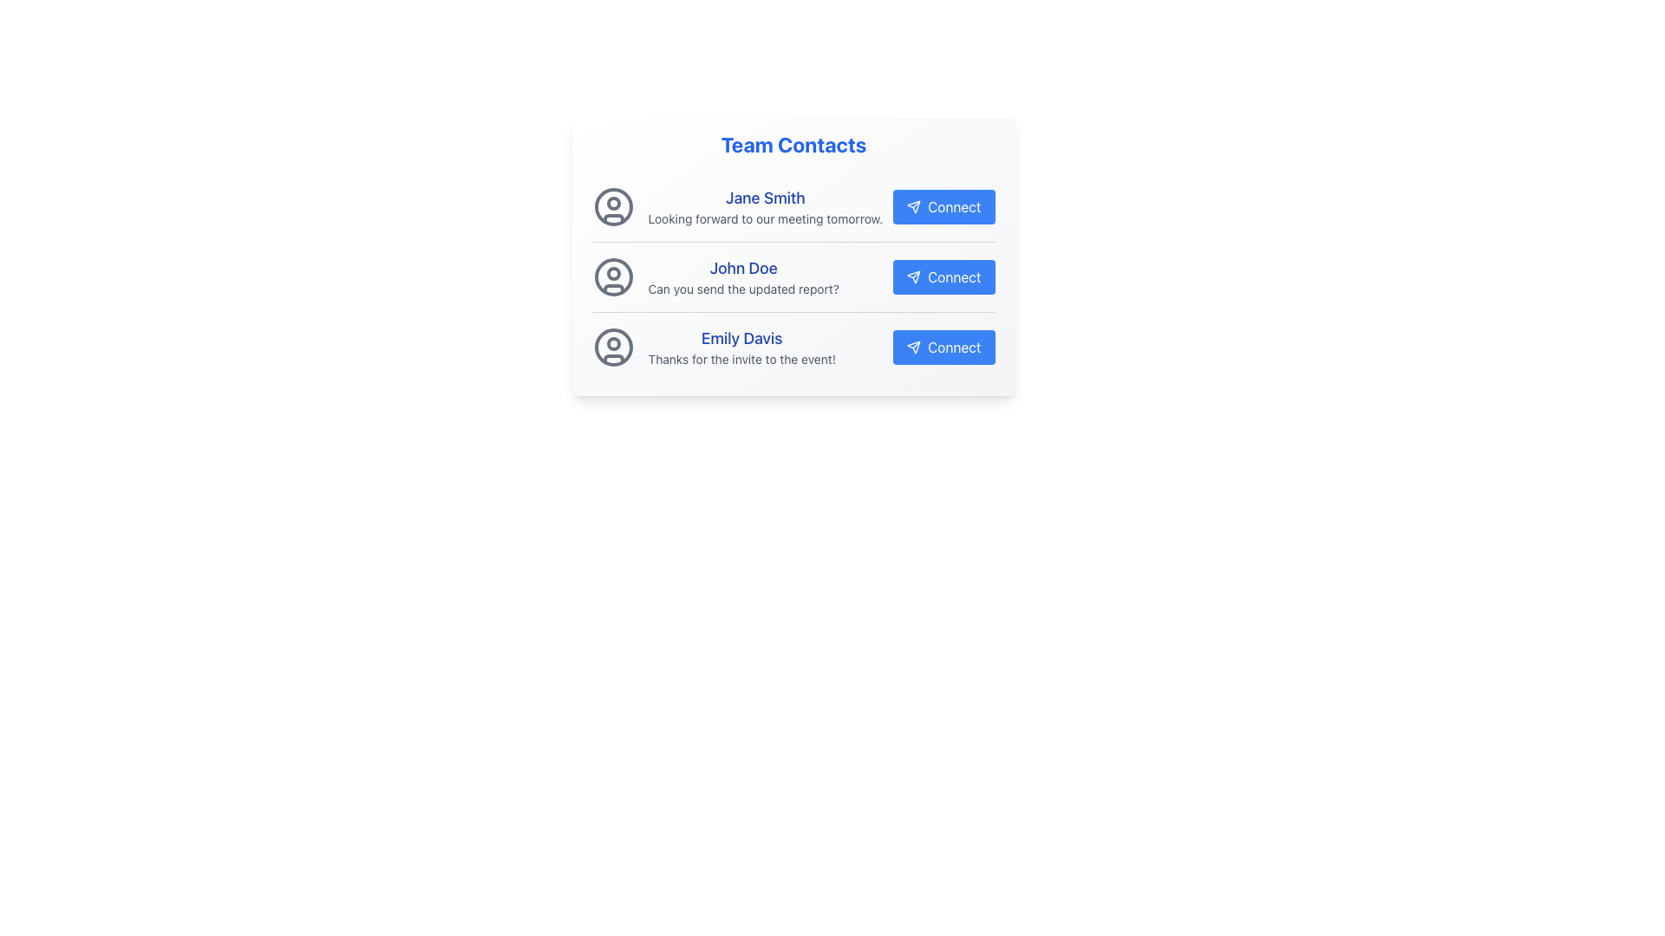 The width and height of the screenshot is (1665, 936). Describe the element at coordinates (764, 218) in the screenshot. I see `the text label that reads 'Looking forward to our meeting tomorrow.' which is styled in gray and located below the name 'Jane Smith' in the 'Team Contacts' section` at that location.